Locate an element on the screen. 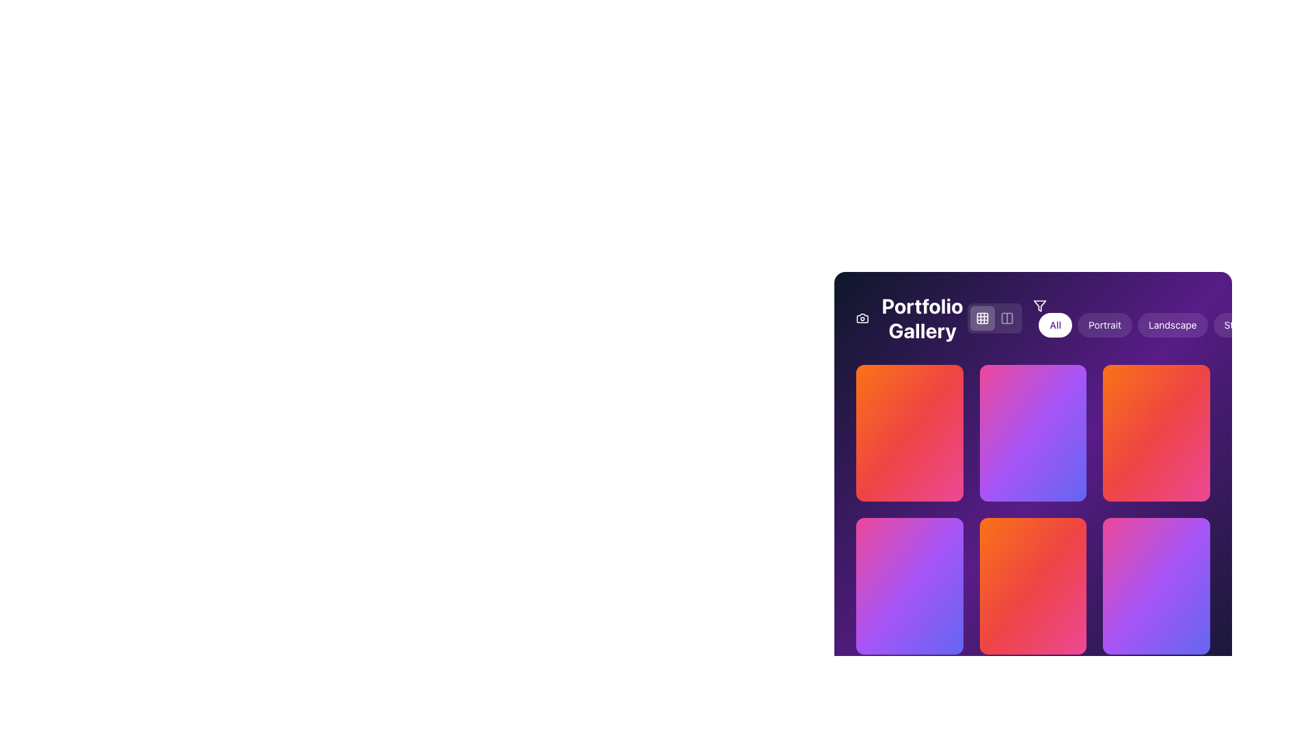 The width and height of the screenshot is (1312, 738). the 'All' button with a pill-shaped design and purple text is located at coordinates (1054, 325).